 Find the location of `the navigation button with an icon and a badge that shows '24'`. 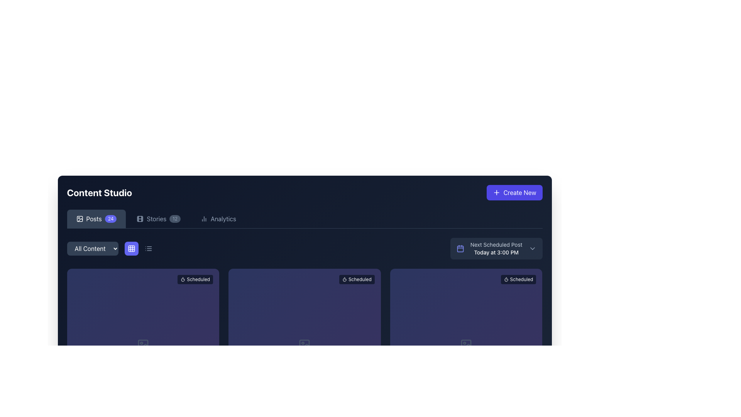

the navigation button with an icon and a badge that shows '24' is located at coordinates (96, 219).